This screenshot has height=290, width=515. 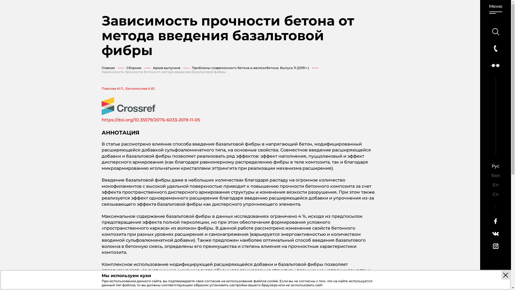 I want to click on 'Cn', so click(x=495, y=194).